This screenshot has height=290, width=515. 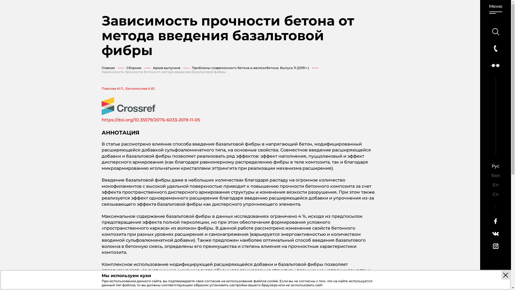 I want to click on 'Cn', so click(x=495, y=194).